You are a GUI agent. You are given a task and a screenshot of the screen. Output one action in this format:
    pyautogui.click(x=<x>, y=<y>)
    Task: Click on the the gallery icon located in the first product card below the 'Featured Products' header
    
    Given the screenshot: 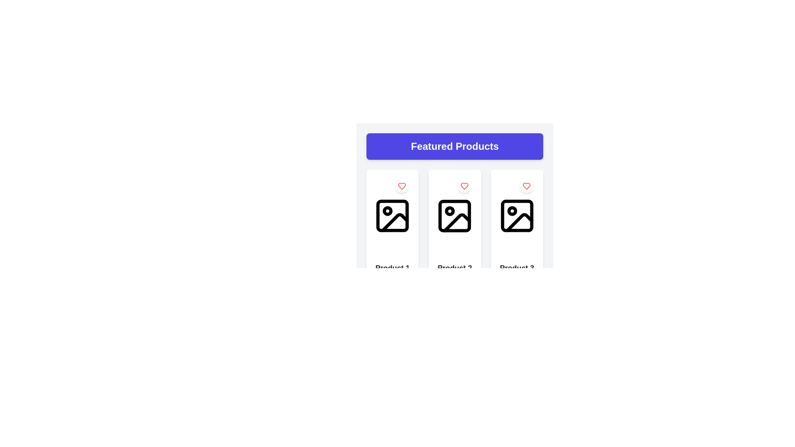 What is the action you would take?
    pyautogui.click(x=392, y=215)
    